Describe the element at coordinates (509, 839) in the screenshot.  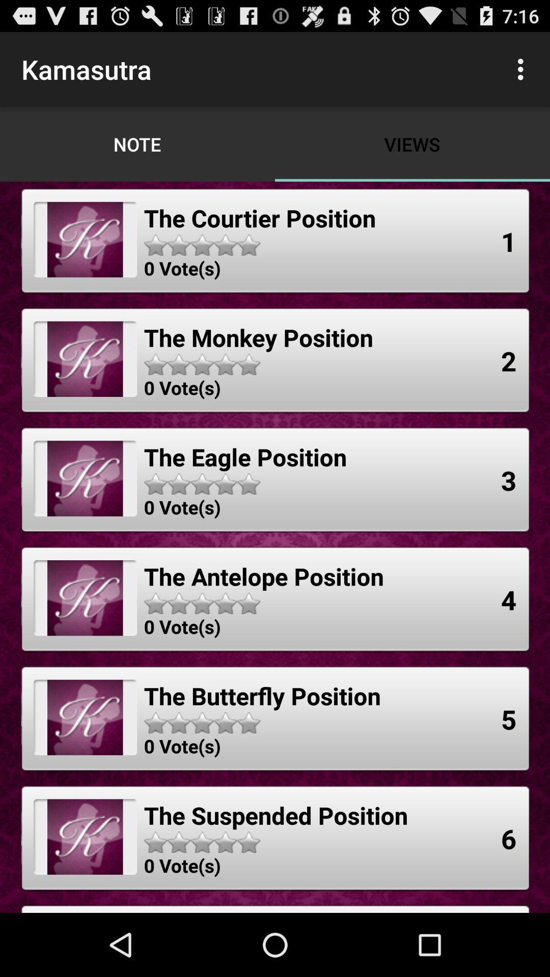
I see `app next to the suspended position icon` at that location.